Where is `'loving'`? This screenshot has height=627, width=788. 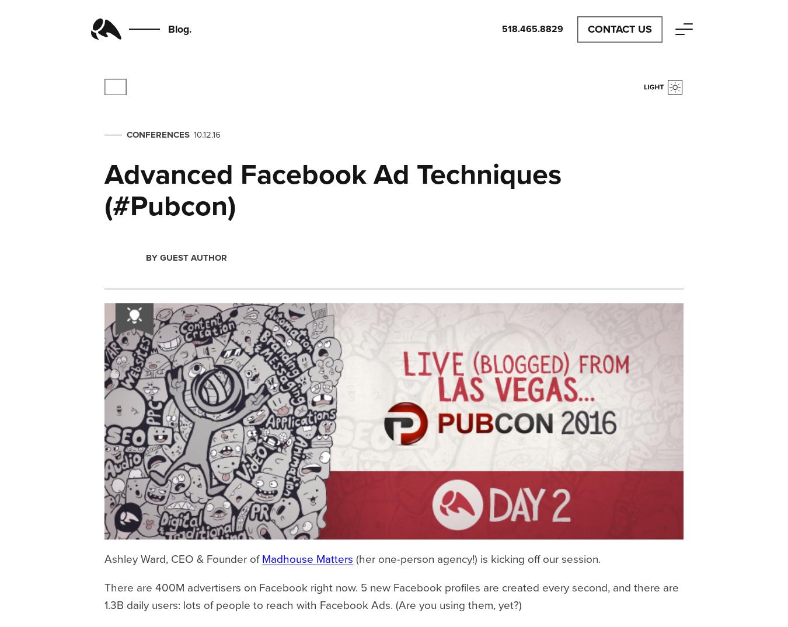 'loving' is located at coordinates (198, 226).